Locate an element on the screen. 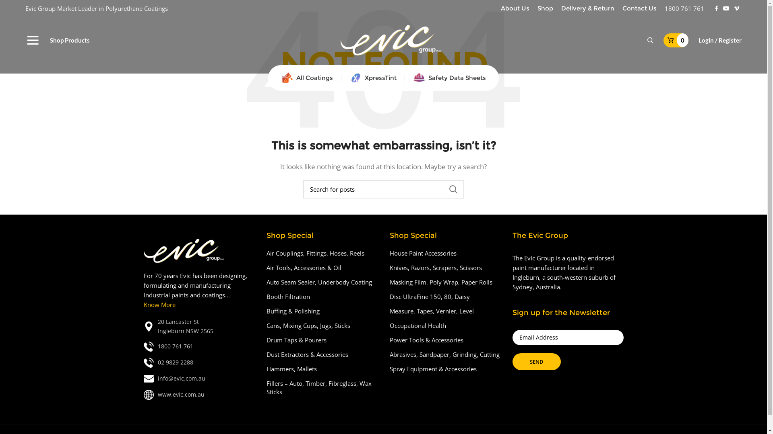 Image resolution: width=773 pixels, height=434 pixels. 'Spray Equipment & Accessories' is located at coordinates (433, 369).